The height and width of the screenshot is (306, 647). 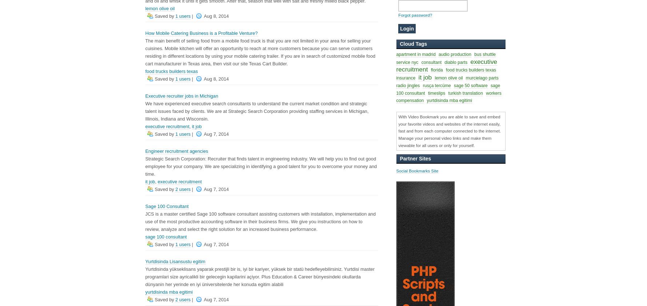 What do you see at coordinates (436, 93) in the screenshot?
I see `'timeslips'` at bounding box center [436, 93].